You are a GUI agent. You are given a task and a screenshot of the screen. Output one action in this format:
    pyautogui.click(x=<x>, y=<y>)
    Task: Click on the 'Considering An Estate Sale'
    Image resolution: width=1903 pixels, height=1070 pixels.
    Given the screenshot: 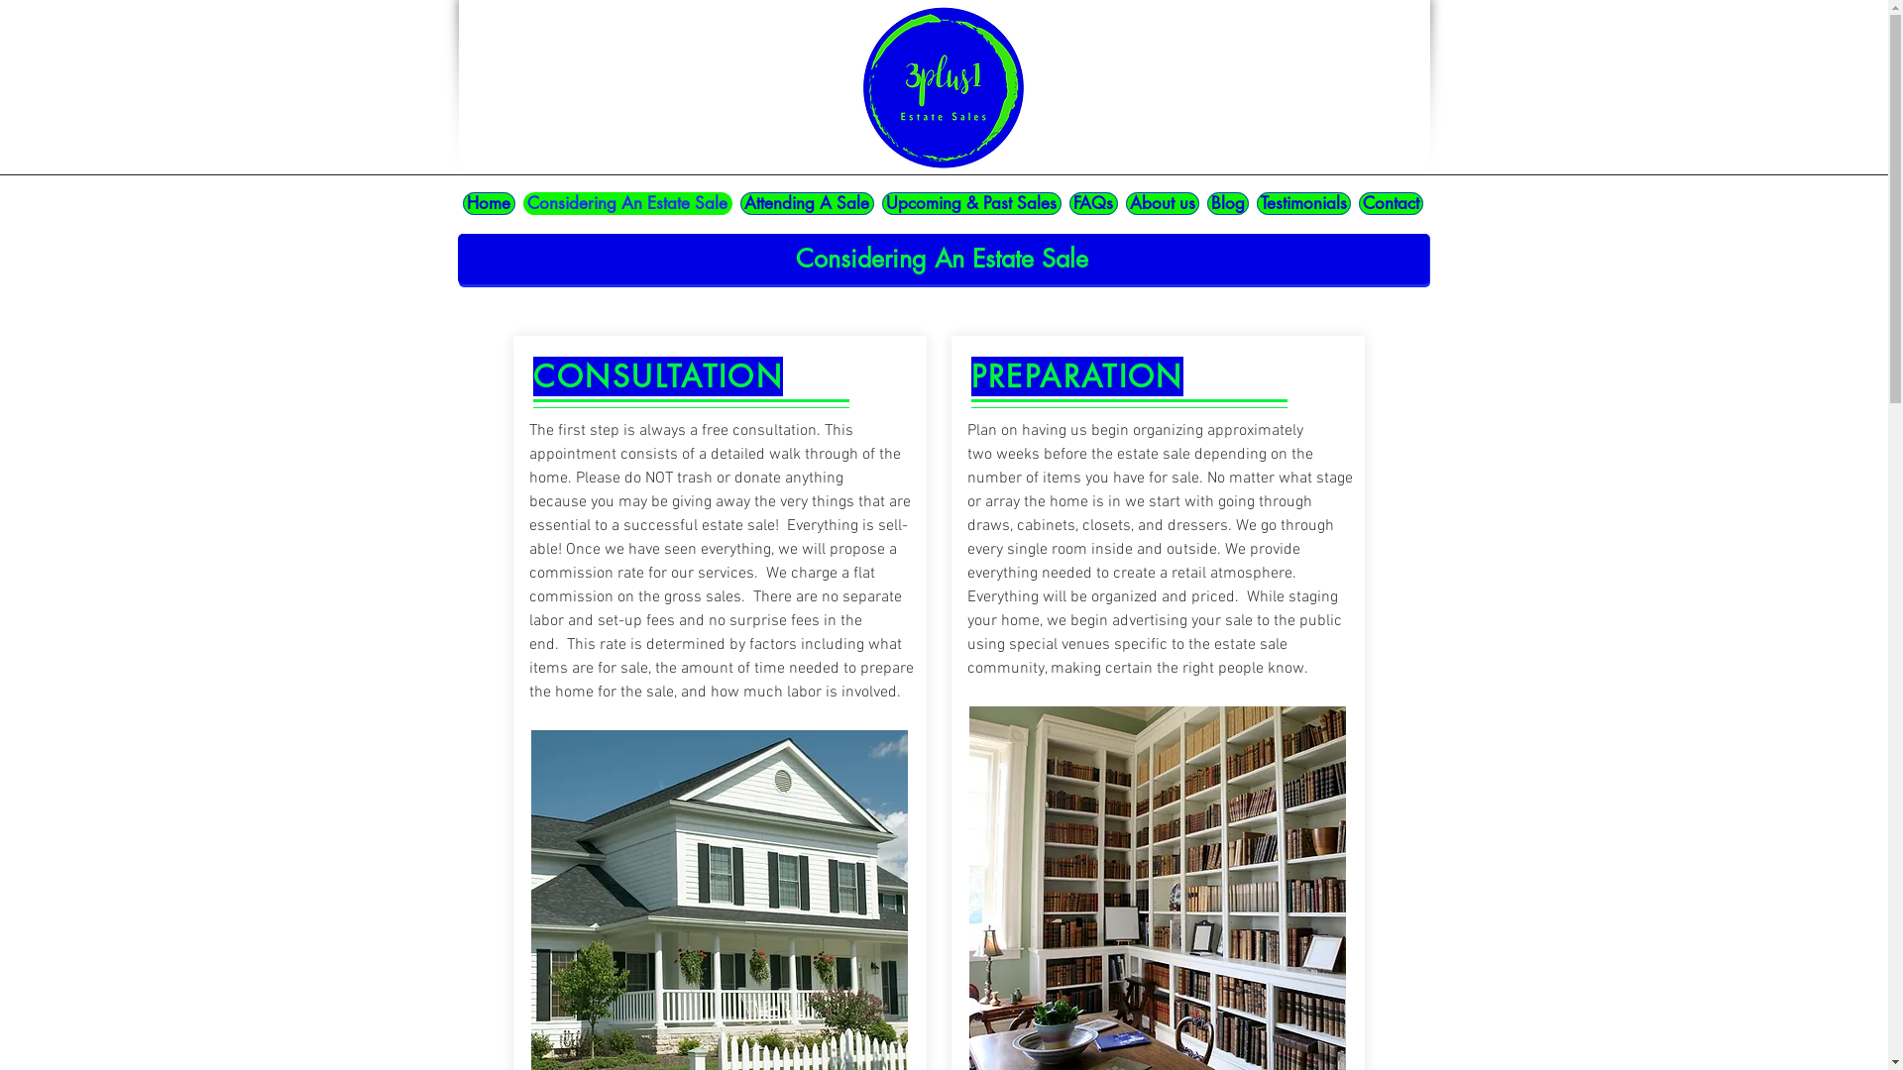 What is the action you would take?
    pyautogui.click(x=626, y=203)
    